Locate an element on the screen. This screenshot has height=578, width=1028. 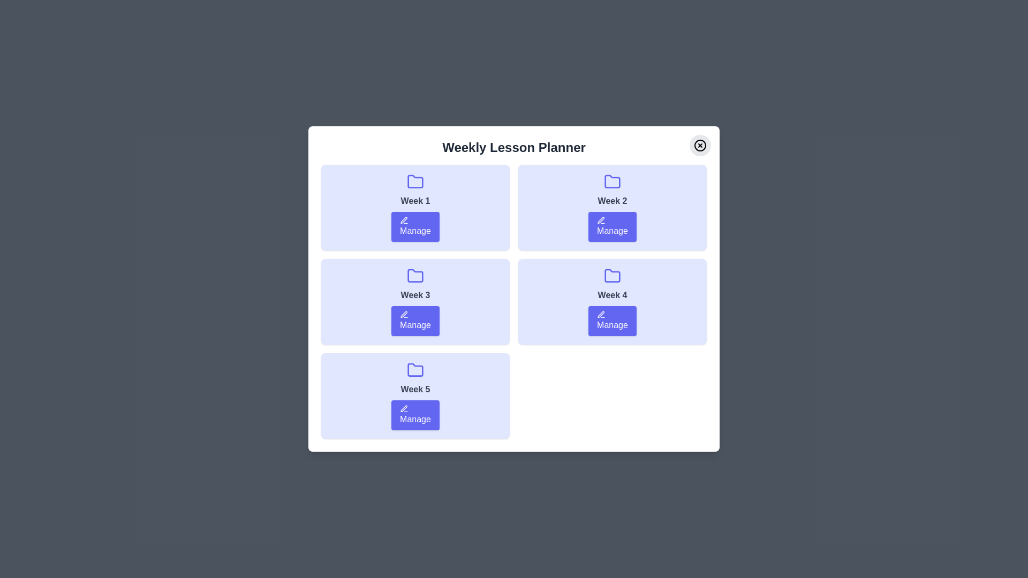
the 'Manage' button for Week 1 is located at coordinates (415, 226).